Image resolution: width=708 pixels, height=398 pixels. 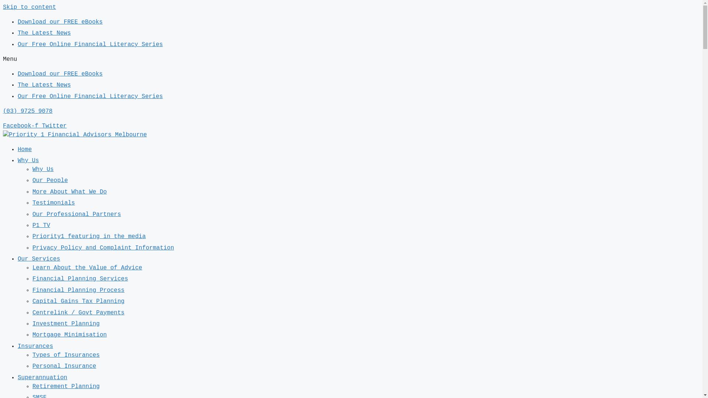 I want to click on 'Centrelink / Govt Payments', so click(x=32, y=313).